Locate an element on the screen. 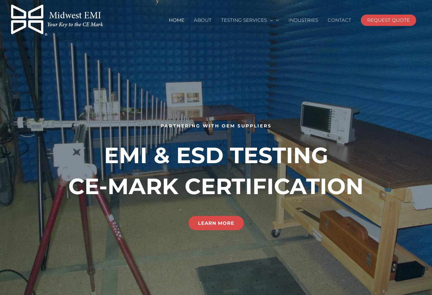  'ABOUT' is located at coordinates (202, 20).